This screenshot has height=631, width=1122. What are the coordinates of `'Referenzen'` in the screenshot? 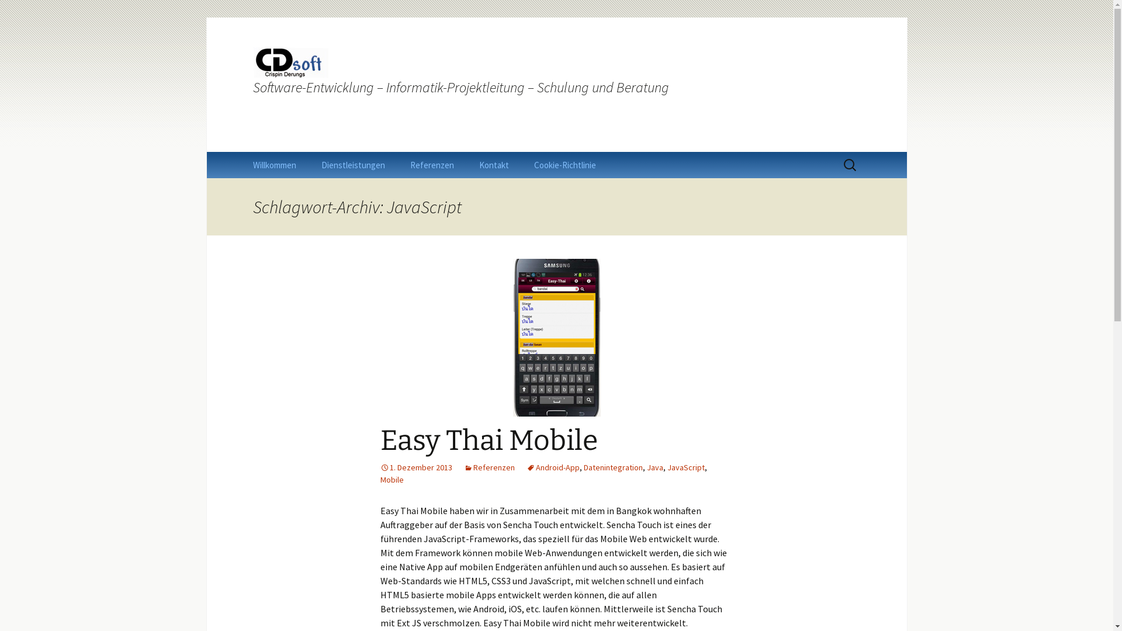 It's located at (489, 466).